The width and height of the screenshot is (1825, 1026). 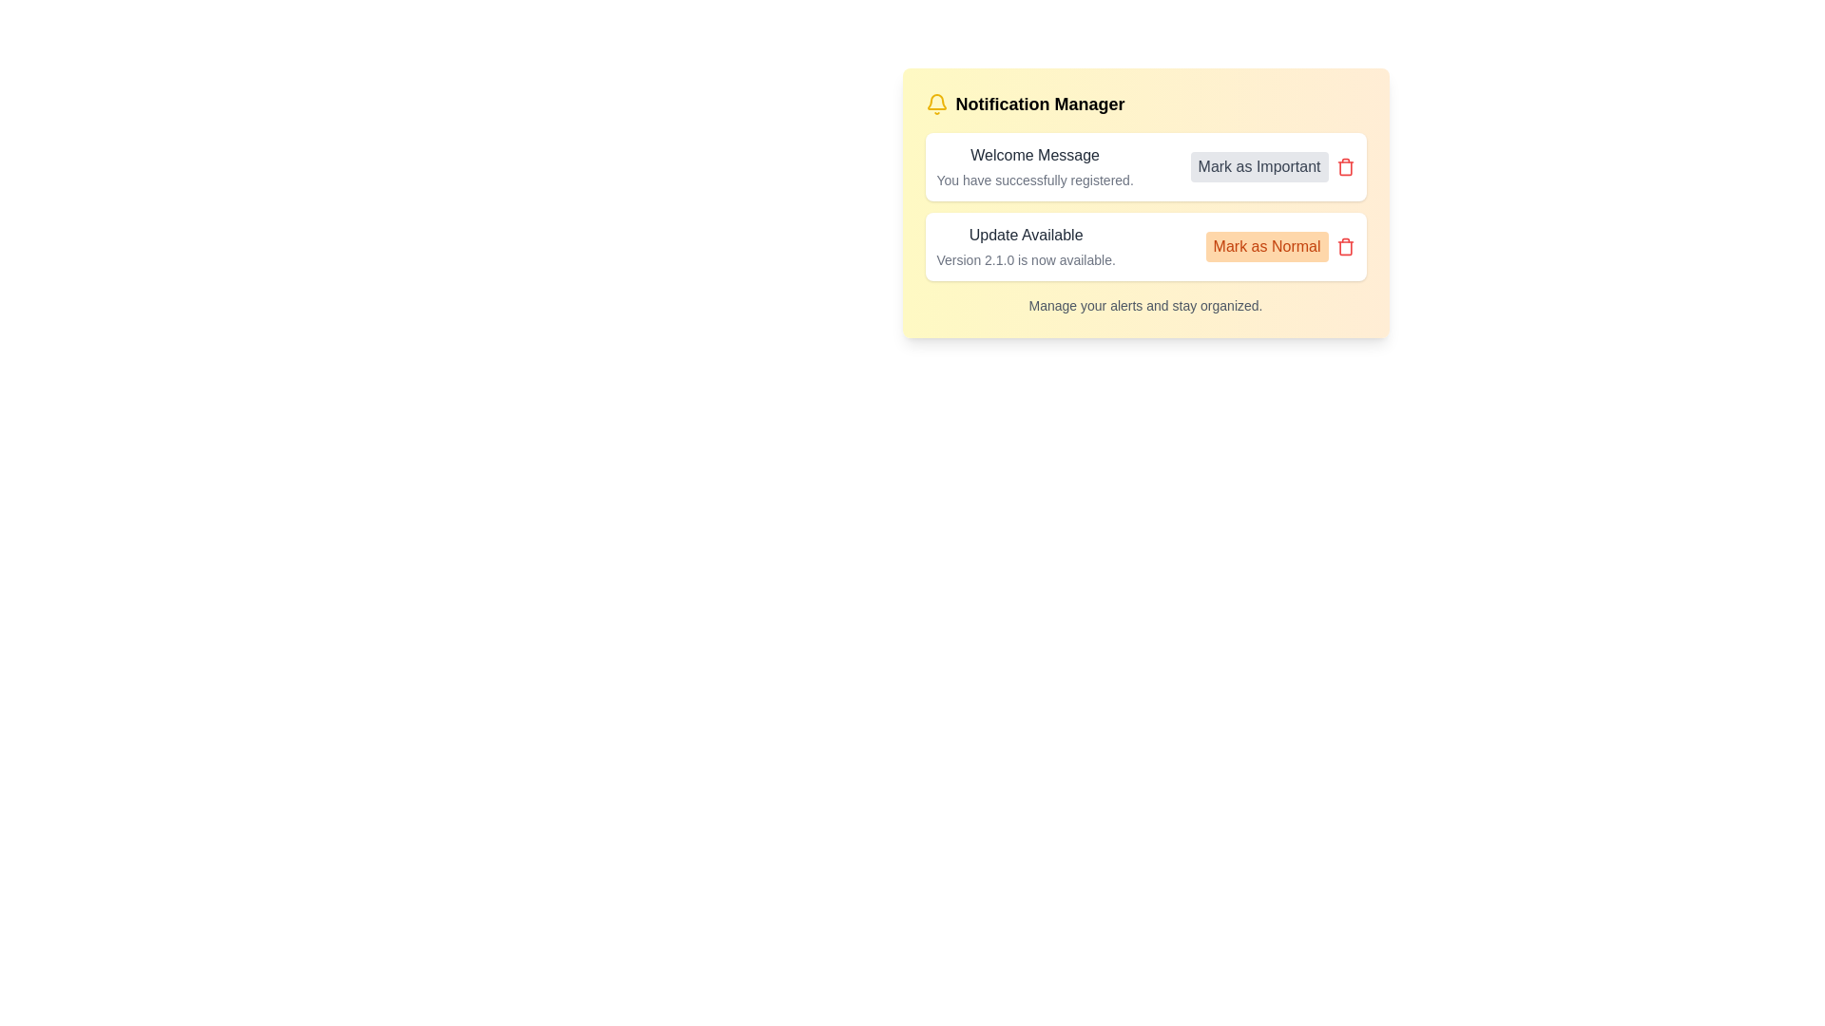 What do you see at coordinates (1273, 166) in the screenshot?
I see `the button located to the right of the 'Welcome Message' text to mark the associated notification as important` at bounding box center [1273, 166].